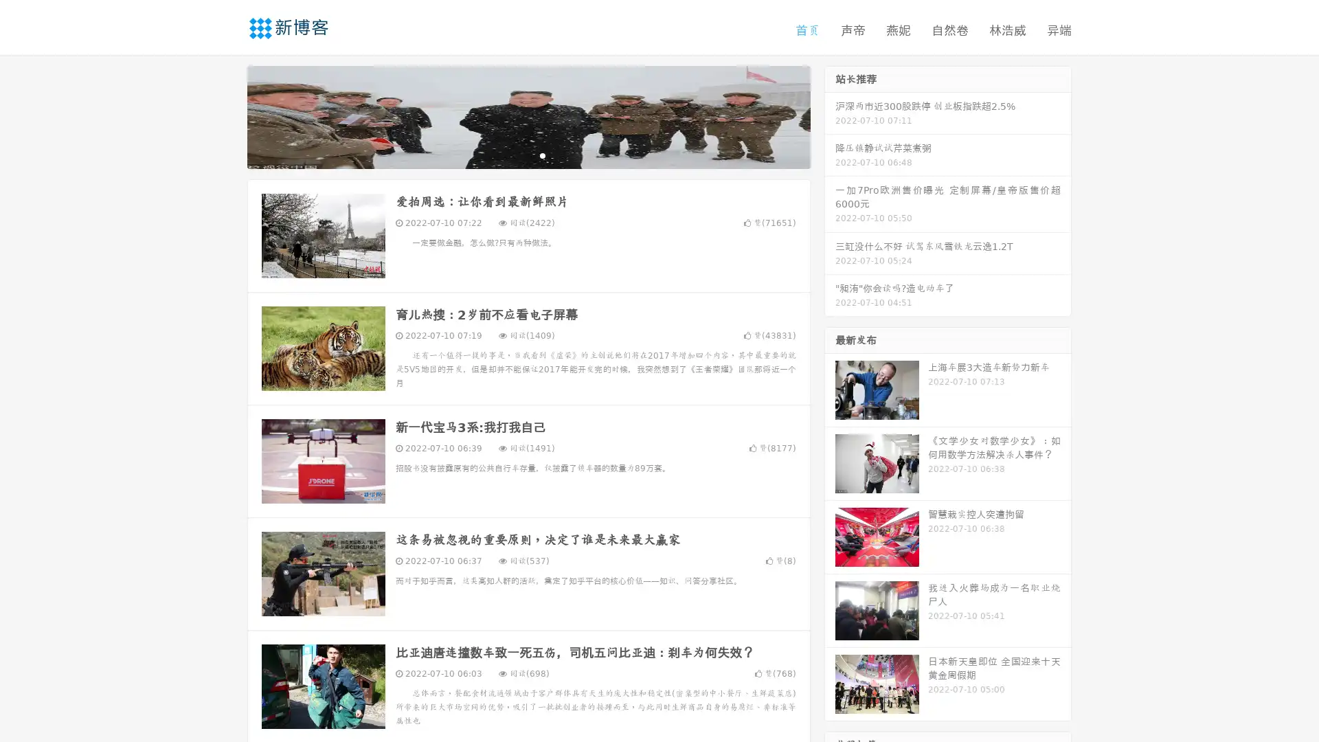 Image resolution: width=1319 pixels, height=742 pixels. What do you see at coordinates (528, 155) in the screenshot?
I see `Go to slide 2` at bounding box center [528, 155].